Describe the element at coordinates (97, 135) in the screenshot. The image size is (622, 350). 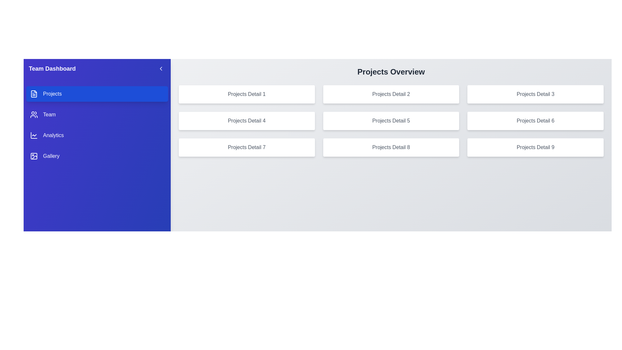
I see `the category Analytics from the sidebar menu` at that location.